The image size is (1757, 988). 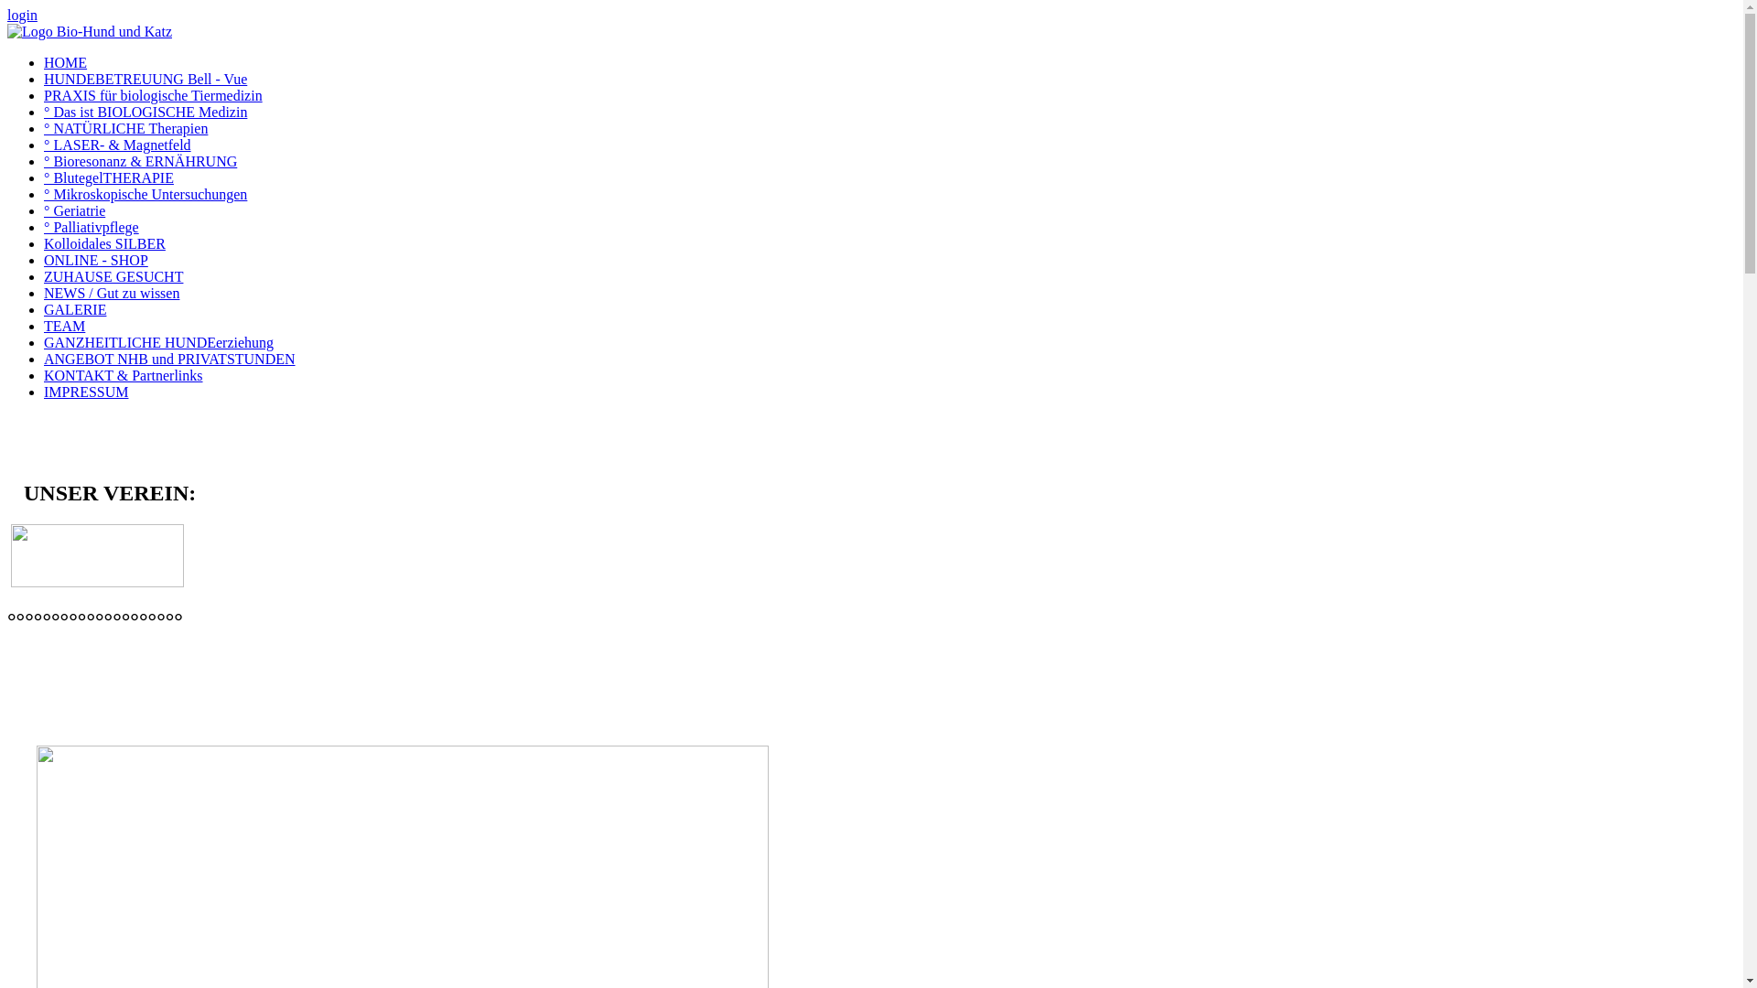 I want to click on 'Kolloidales SILBER', so click(x=44, y=242).